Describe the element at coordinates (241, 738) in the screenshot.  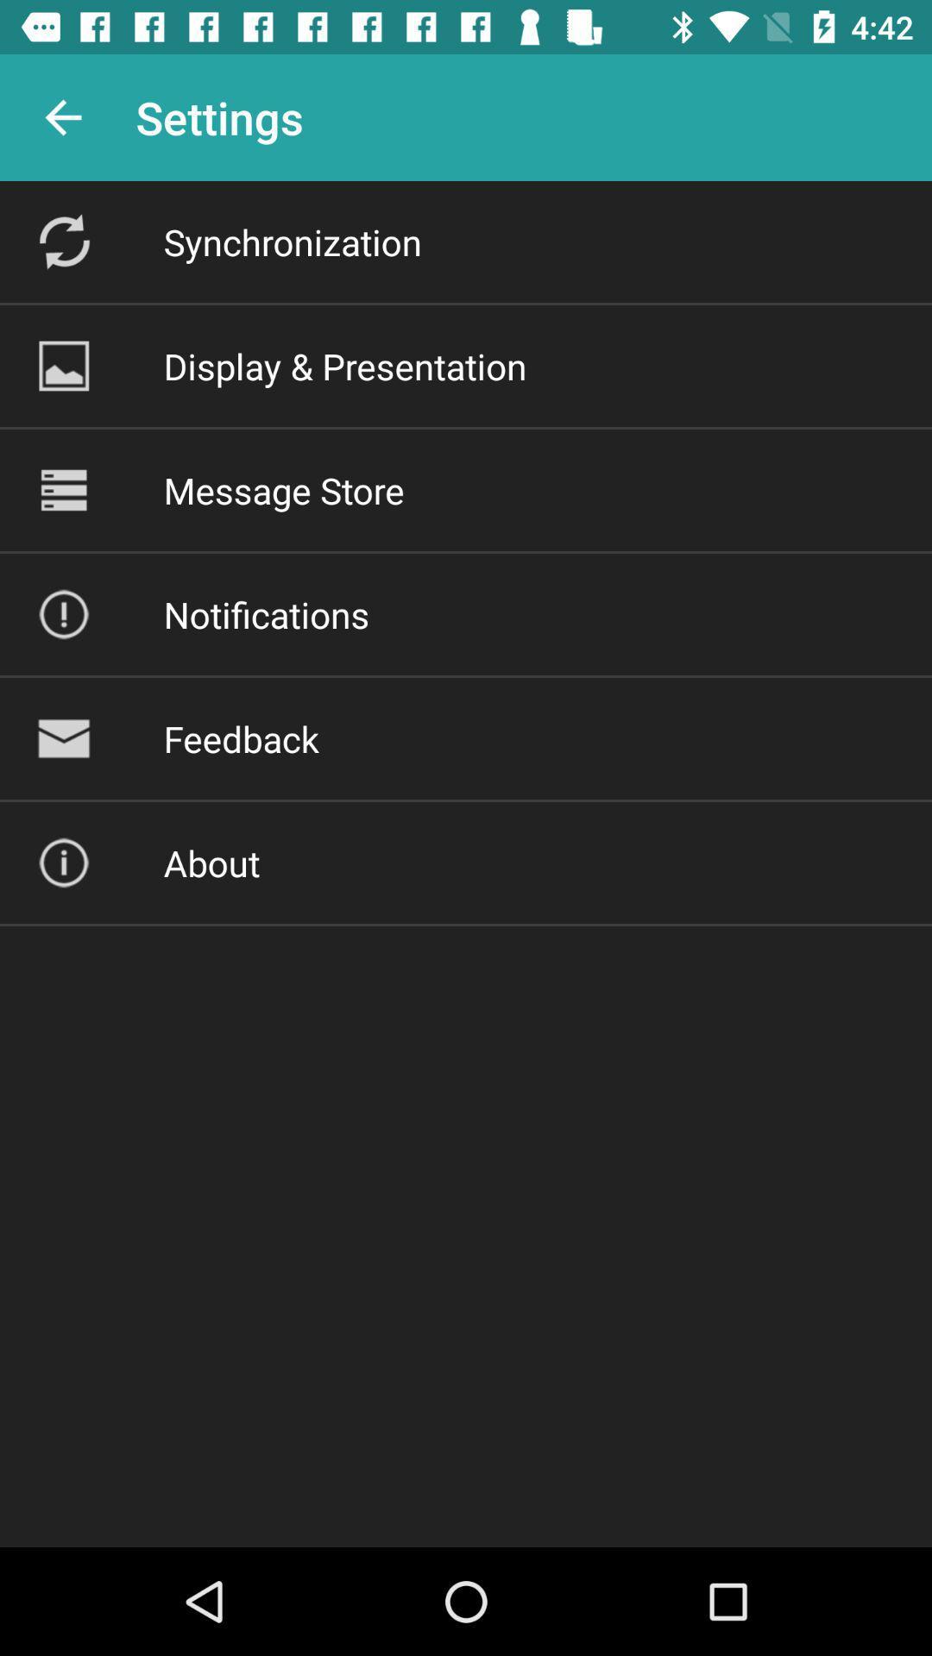
I see `item above about item` at that location.